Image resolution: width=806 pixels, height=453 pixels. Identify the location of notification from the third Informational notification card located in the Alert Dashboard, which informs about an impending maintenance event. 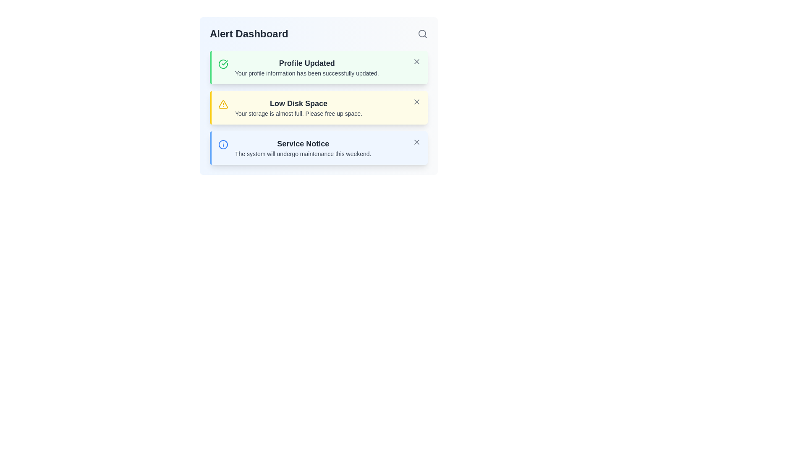
(318, 148).